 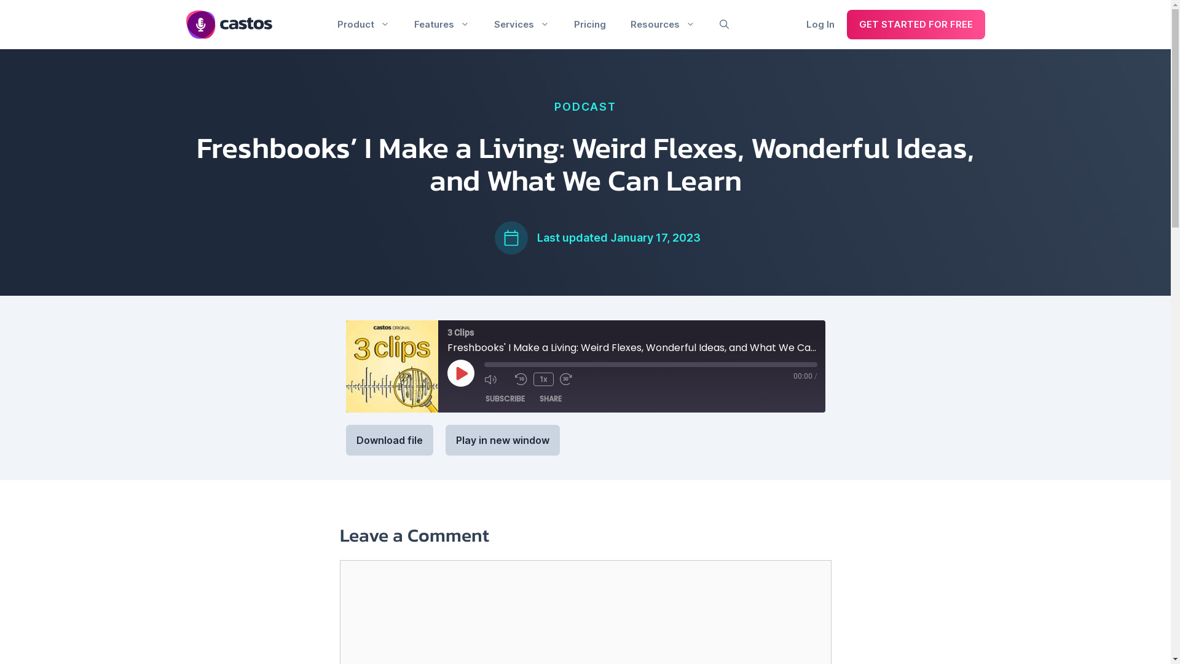 I want to click on 'SHARE', so click(x=550, y=398).